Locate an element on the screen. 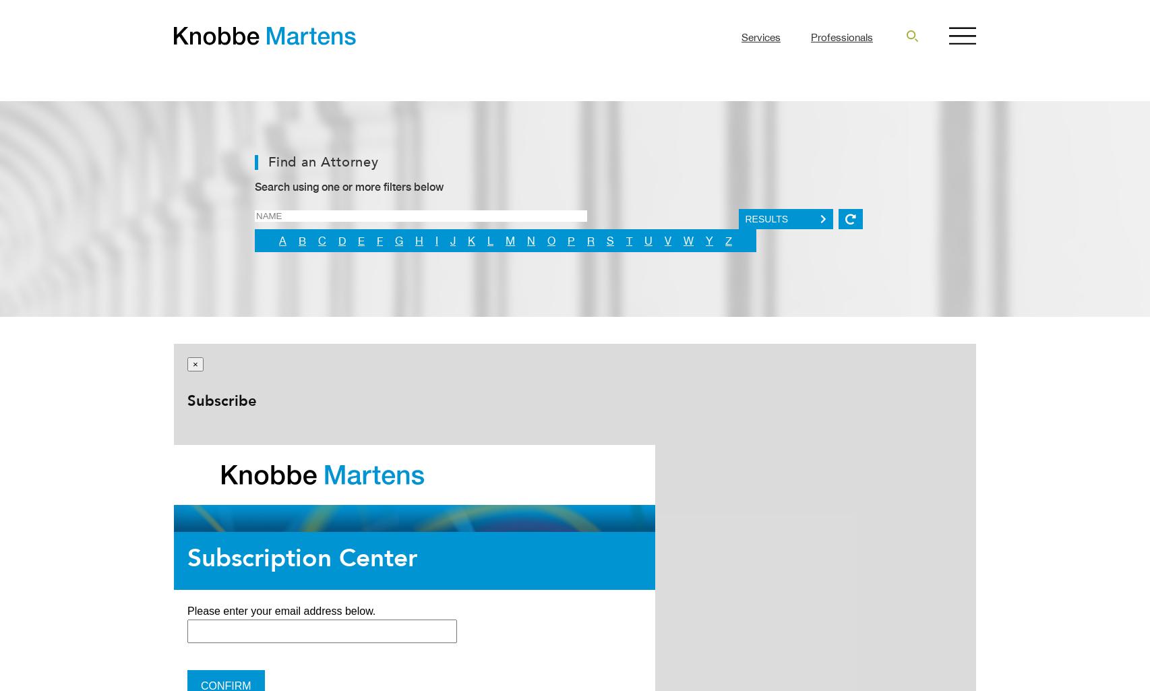 This screenshot has height=691, width=1150. 'S' is located at coordinates (610, 240).